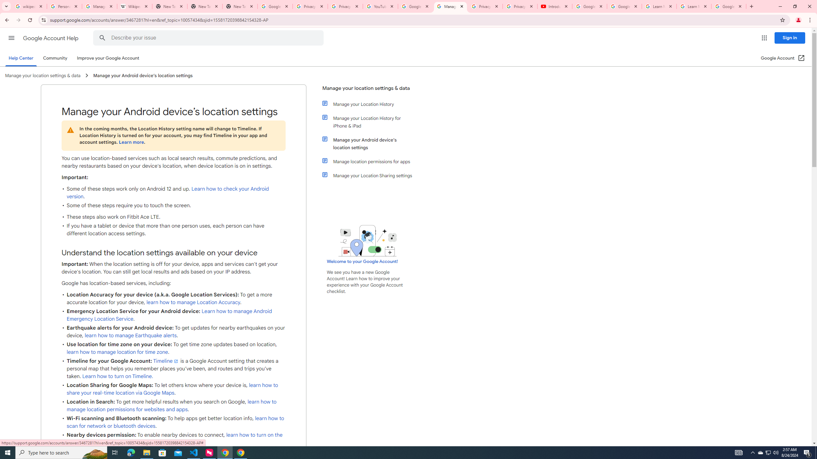 The height and width of the screenshot is (459, 817). What do you see at coordinates (371, 104) in the screenshot?
I see `'Manage your Location History'` at bounding box center [371, 104].